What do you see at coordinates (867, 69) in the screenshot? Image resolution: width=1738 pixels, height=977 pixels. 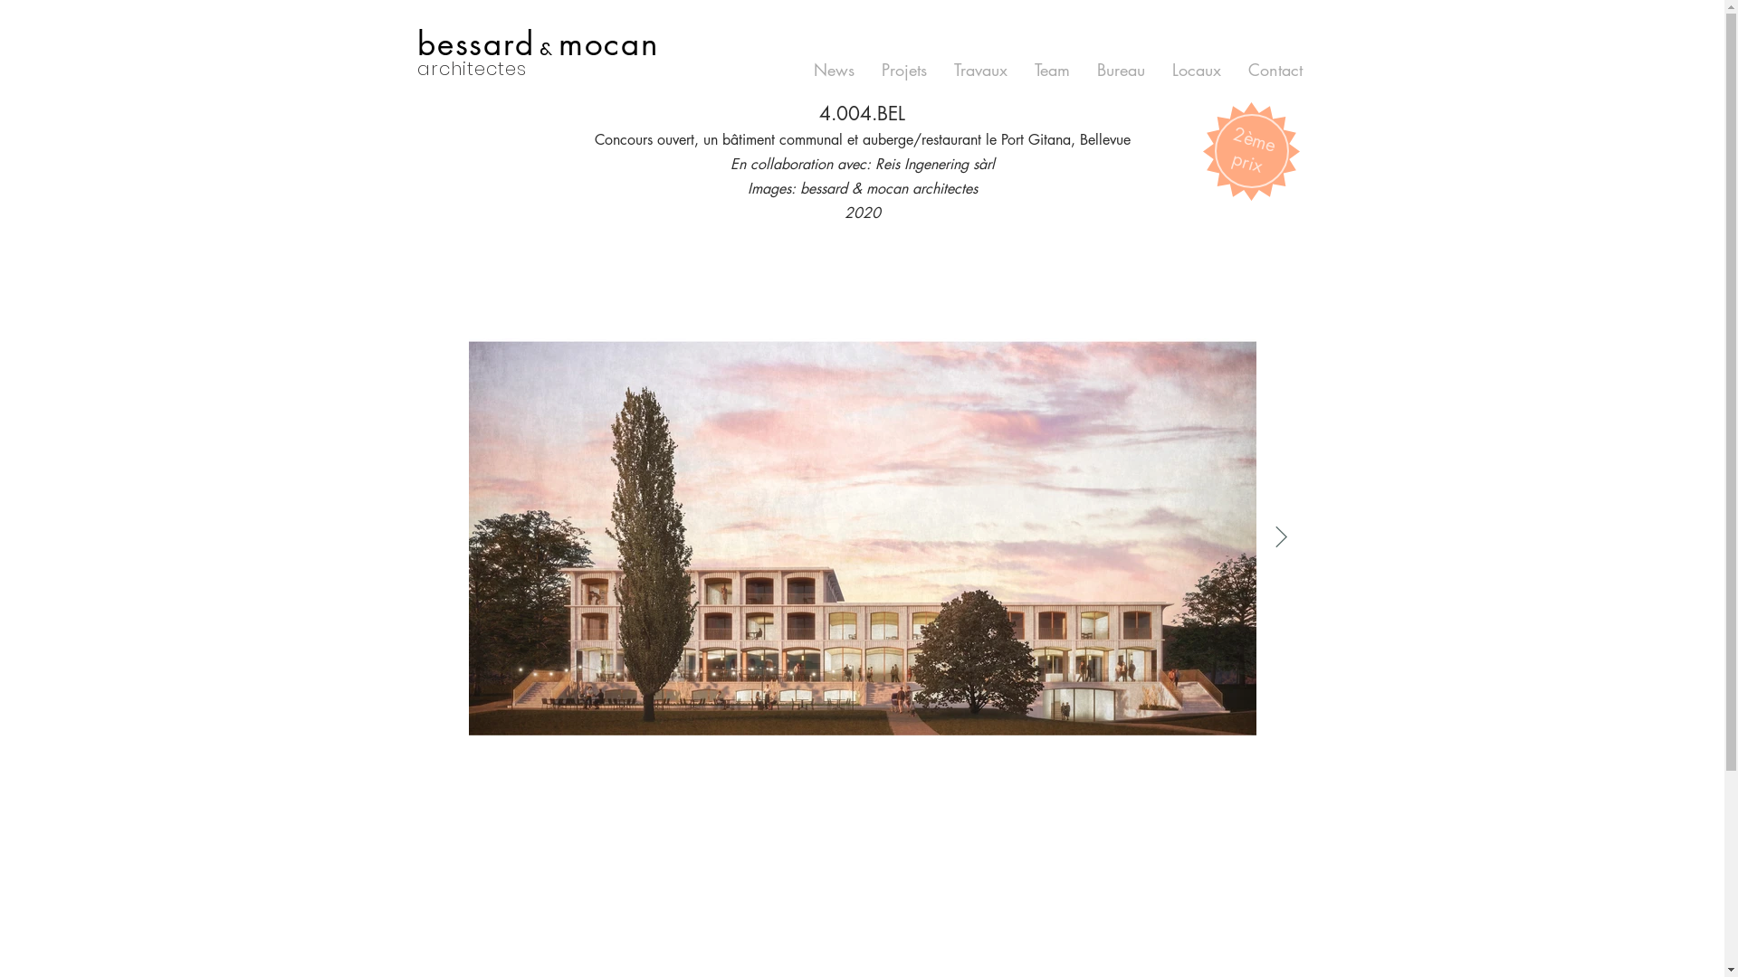 I see `'Projets'` at bounding box center [867, 69].